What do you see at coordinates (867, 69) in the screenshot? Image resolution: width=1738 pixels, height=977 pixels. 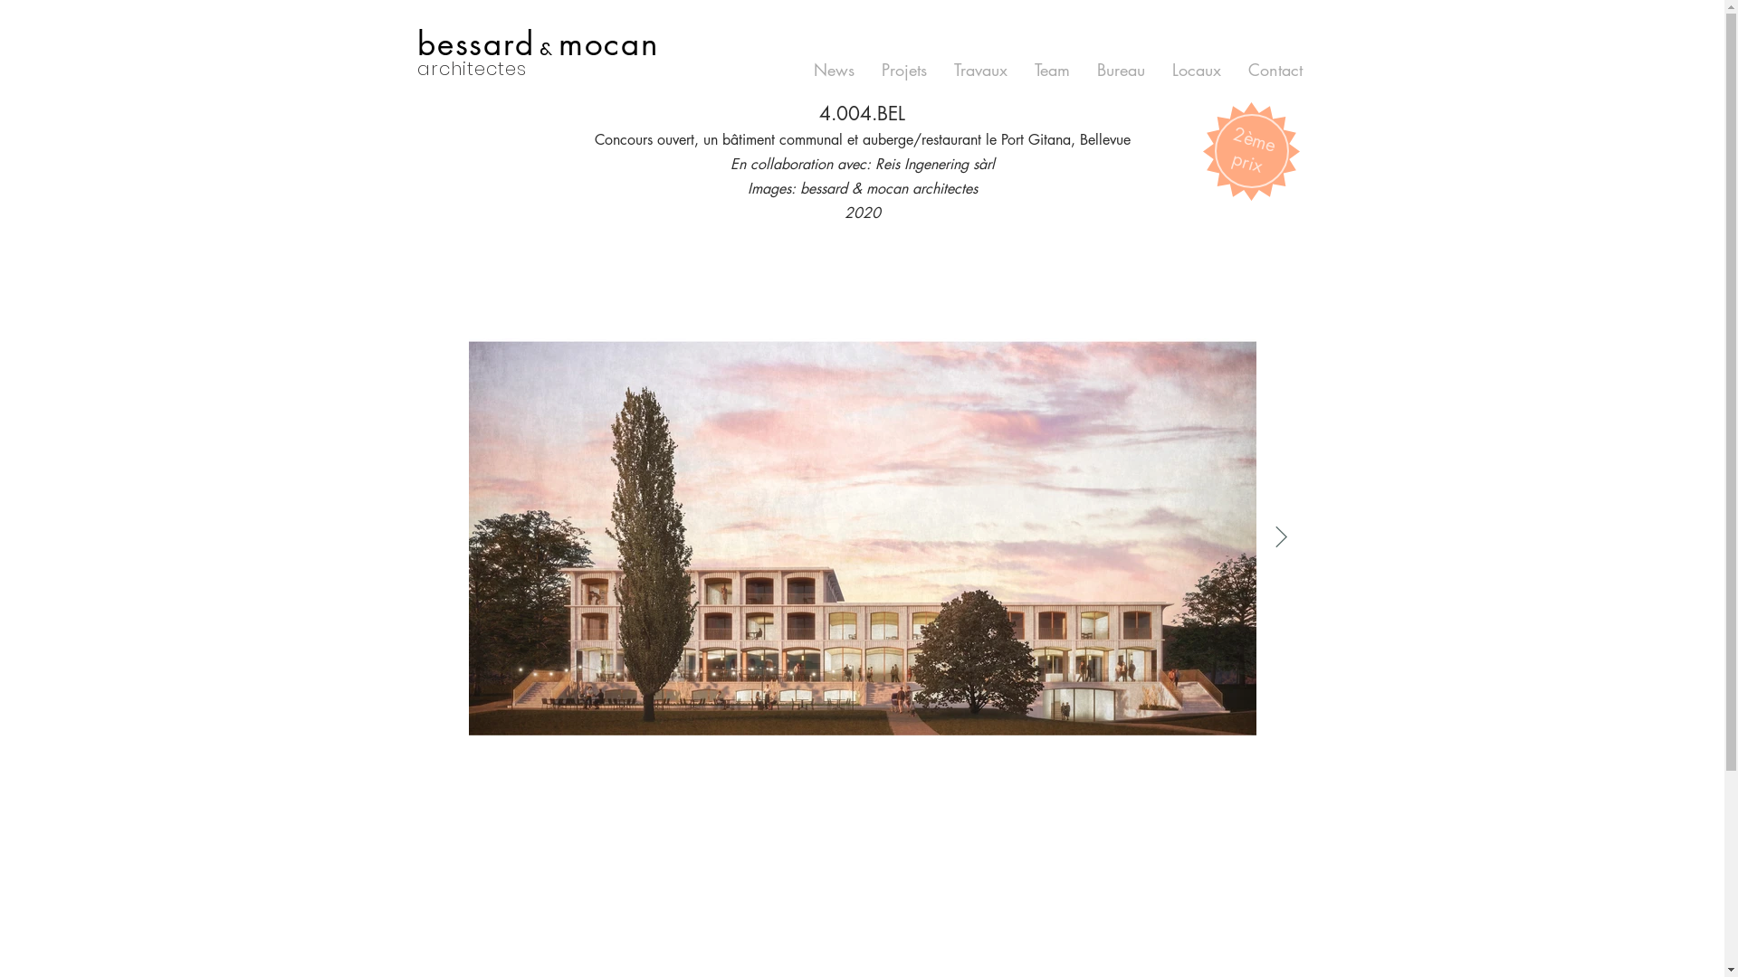 I see `'Projets'` at bounding box center [867, 69].